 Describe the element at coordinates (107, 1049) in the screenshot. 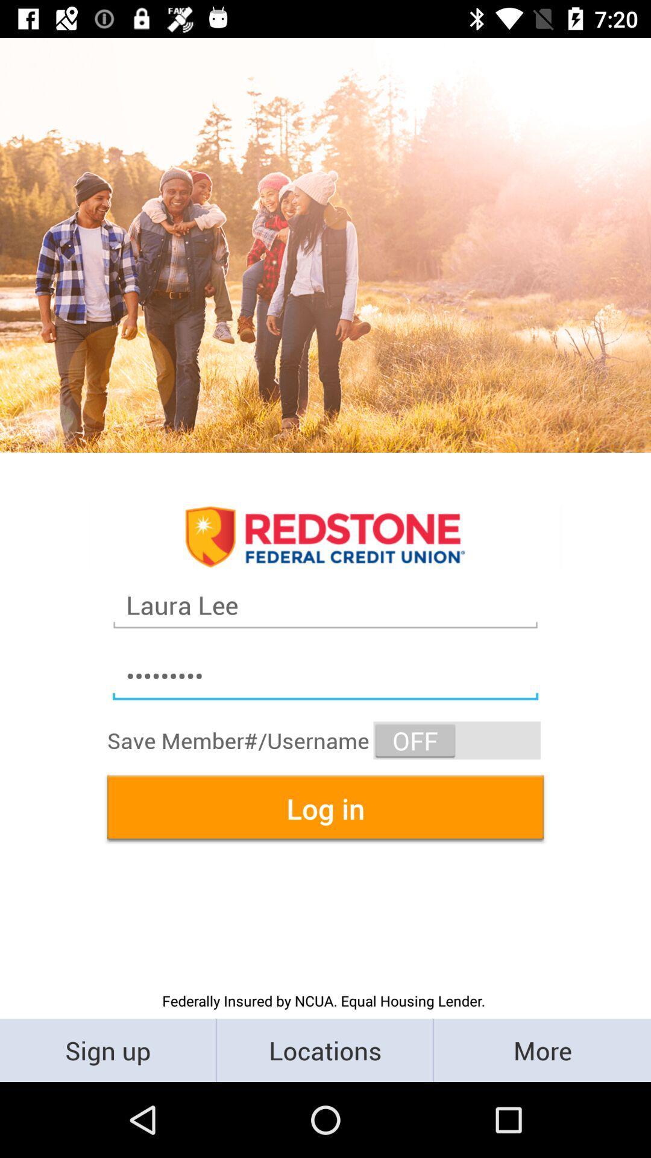

I see `sign up item` at that location.